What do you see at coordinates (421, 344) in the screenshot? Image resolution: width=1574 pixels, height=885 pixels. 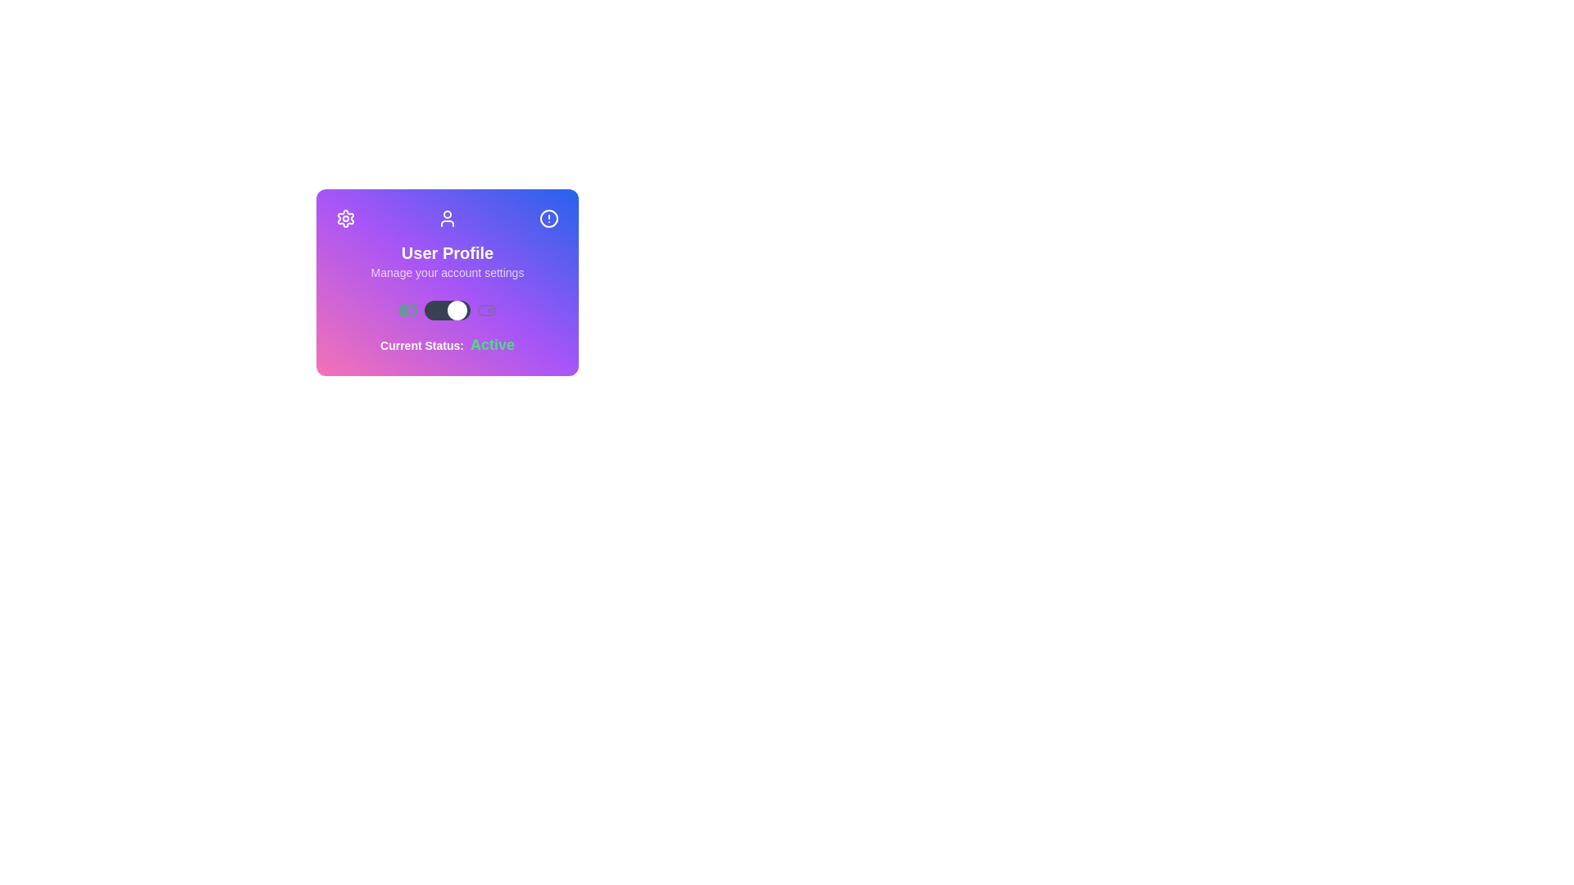 I see `the text label positioned in the bottom-left part of the 'User Profile' card that describes the status of the following text 'Active'` at bounding box center [421, 344].